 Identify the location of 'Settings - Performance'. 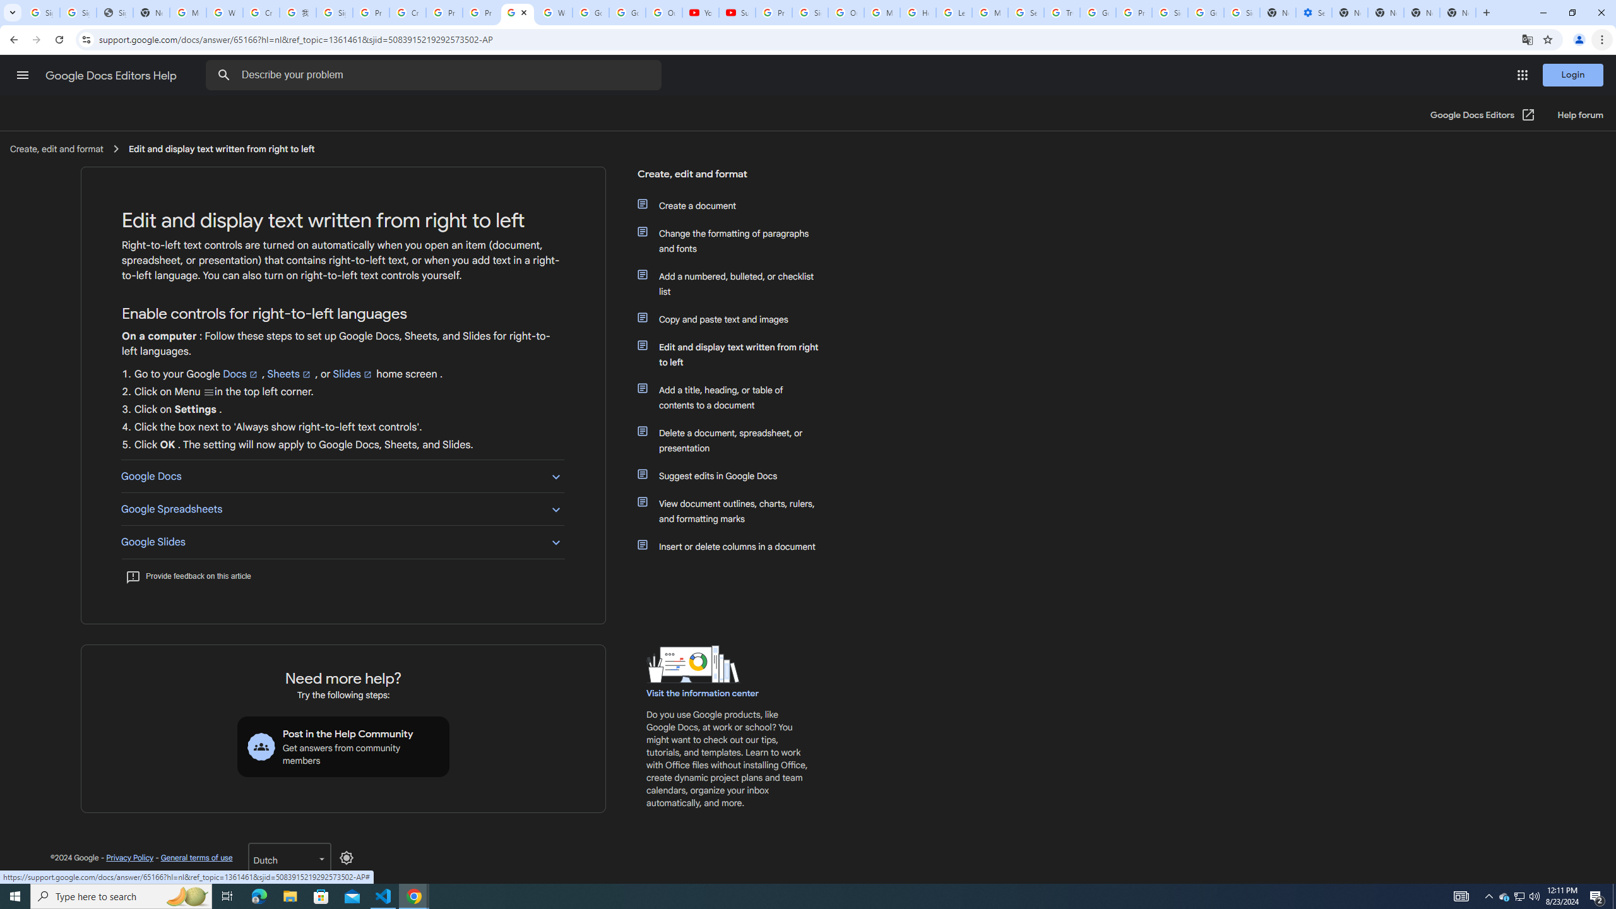
(1313, 12).